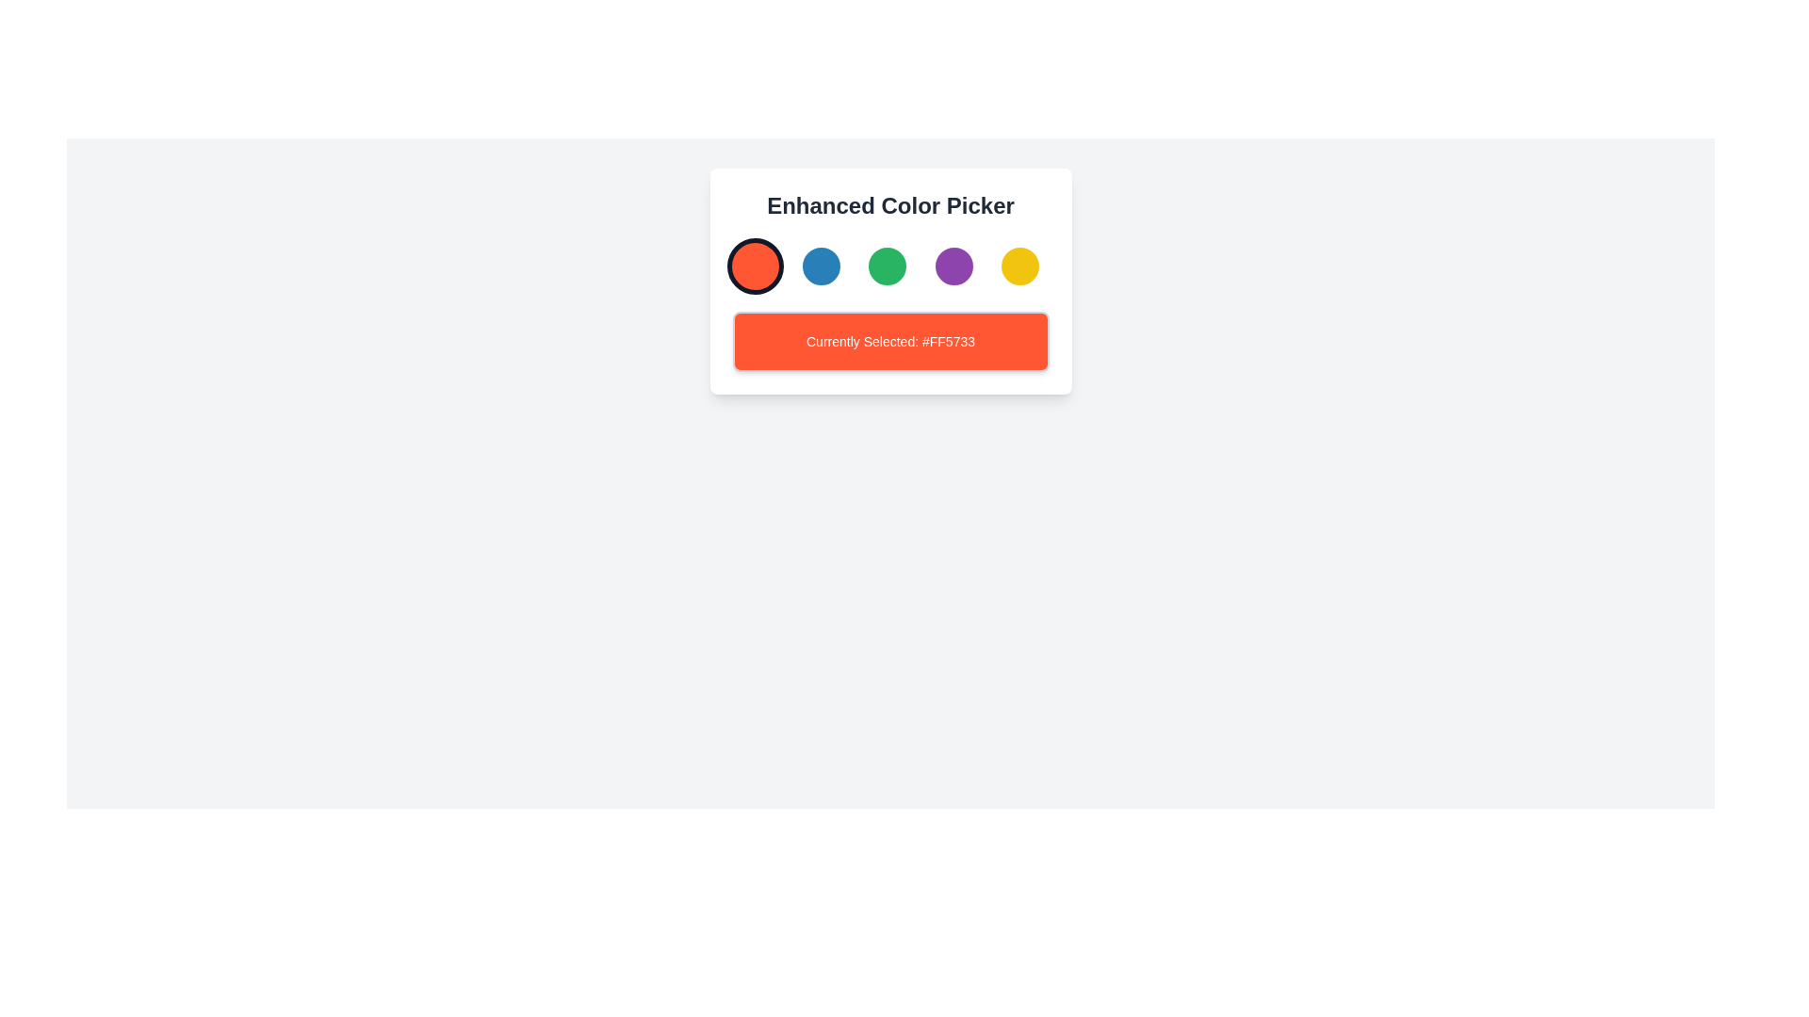 The width and height of the screenshot is (1809, 1017). What do you see at coordinates (755, 266) in the screenshot?
I see `the first circular button in the 'Enhanced Color Picker' card` at bounding box center [755, 266].